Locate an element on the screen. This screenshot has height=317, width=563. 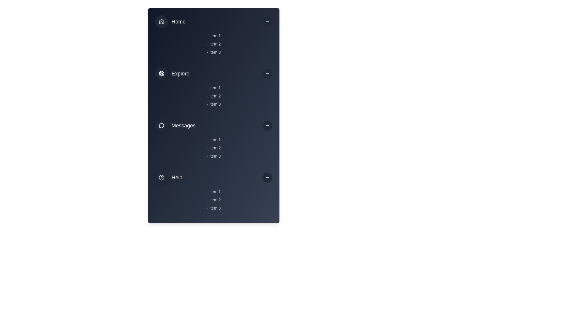
the minus symbol button in the Home section of the sidebar is located at coordinates (267, 21).